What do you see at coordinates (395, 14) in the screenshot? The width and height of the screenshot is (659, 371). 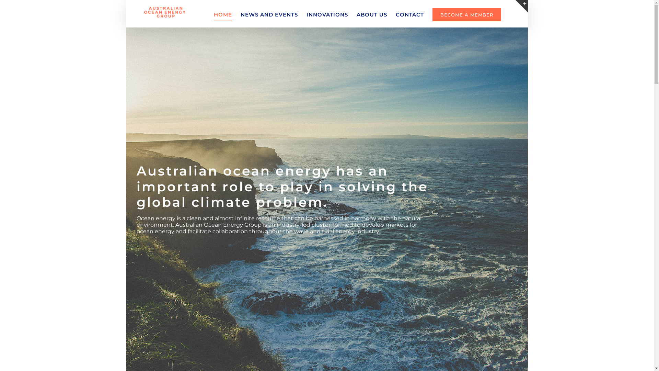 I see `'CONTACT'` at bounding box center [395, 14].